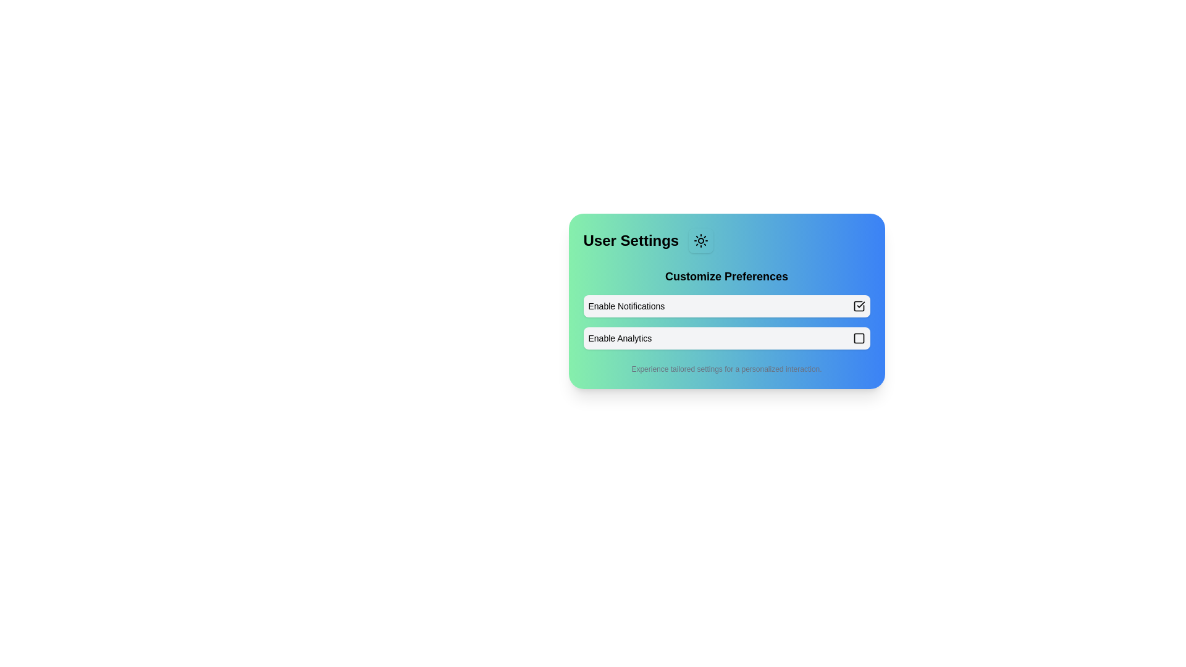 This screenshot has height=667, width=1186. I want to click on the square-shaped icon with rounded corners located to the right of the 'Enable Analytics' label in the 'Customize Preferences' section, so click(858, 338).